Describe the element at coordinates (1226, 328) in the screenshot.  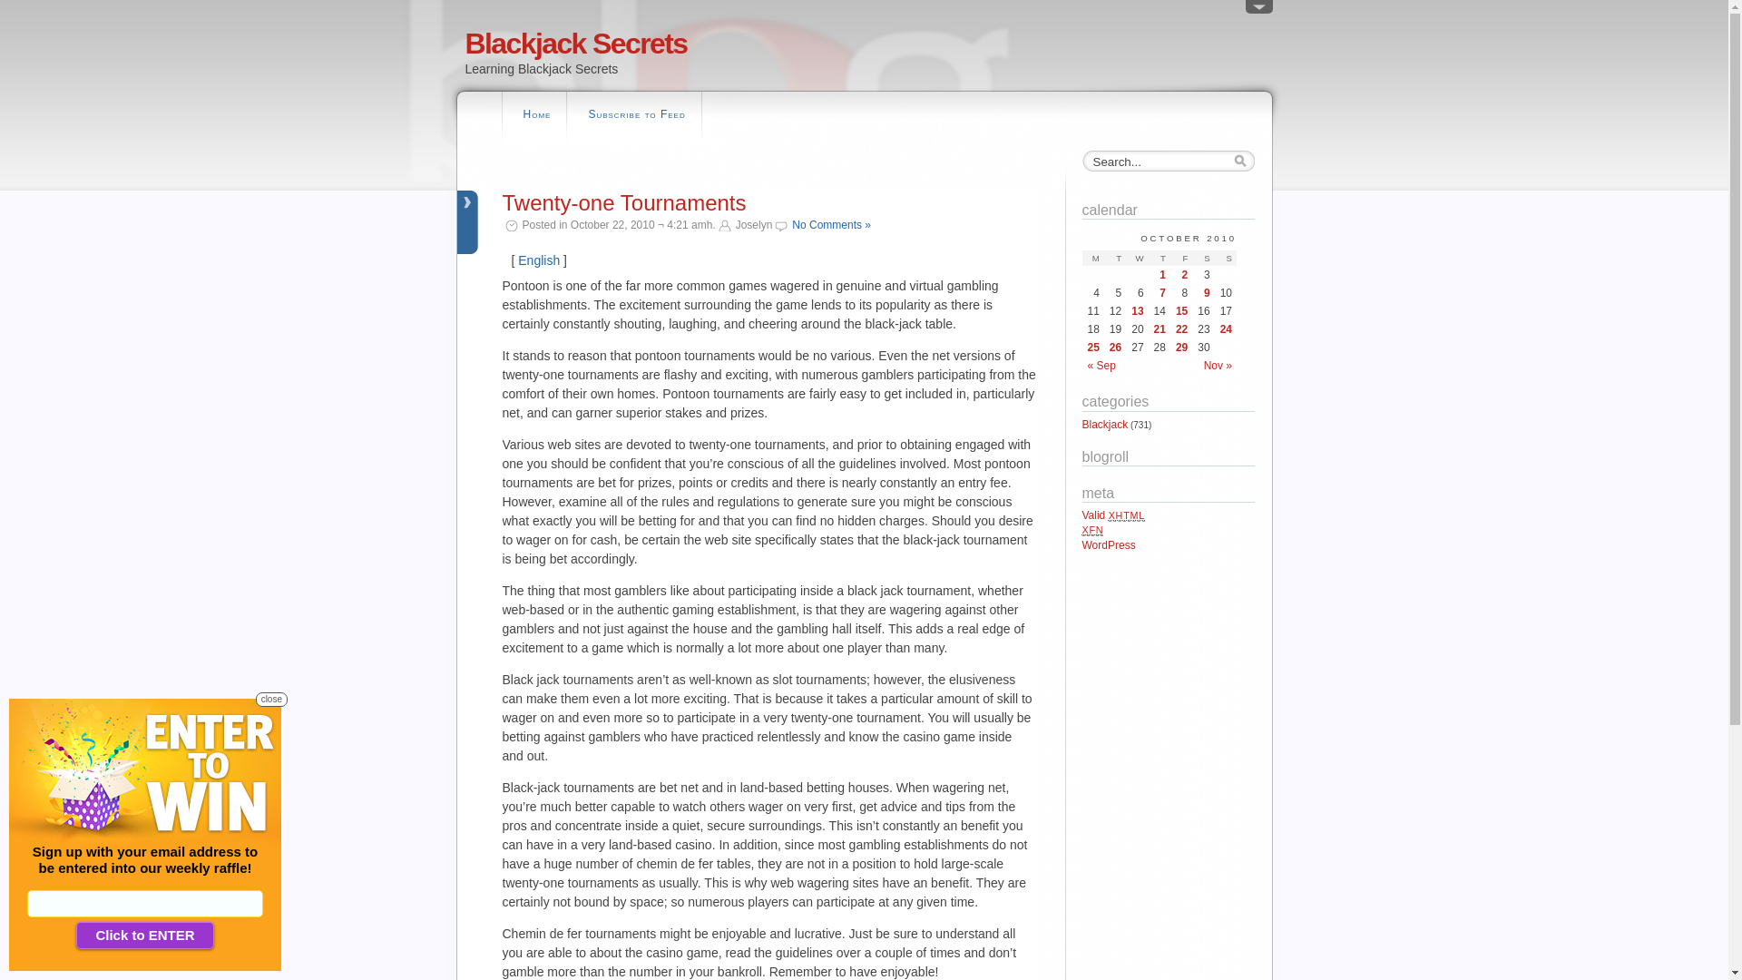
I see `'24'` at that location.